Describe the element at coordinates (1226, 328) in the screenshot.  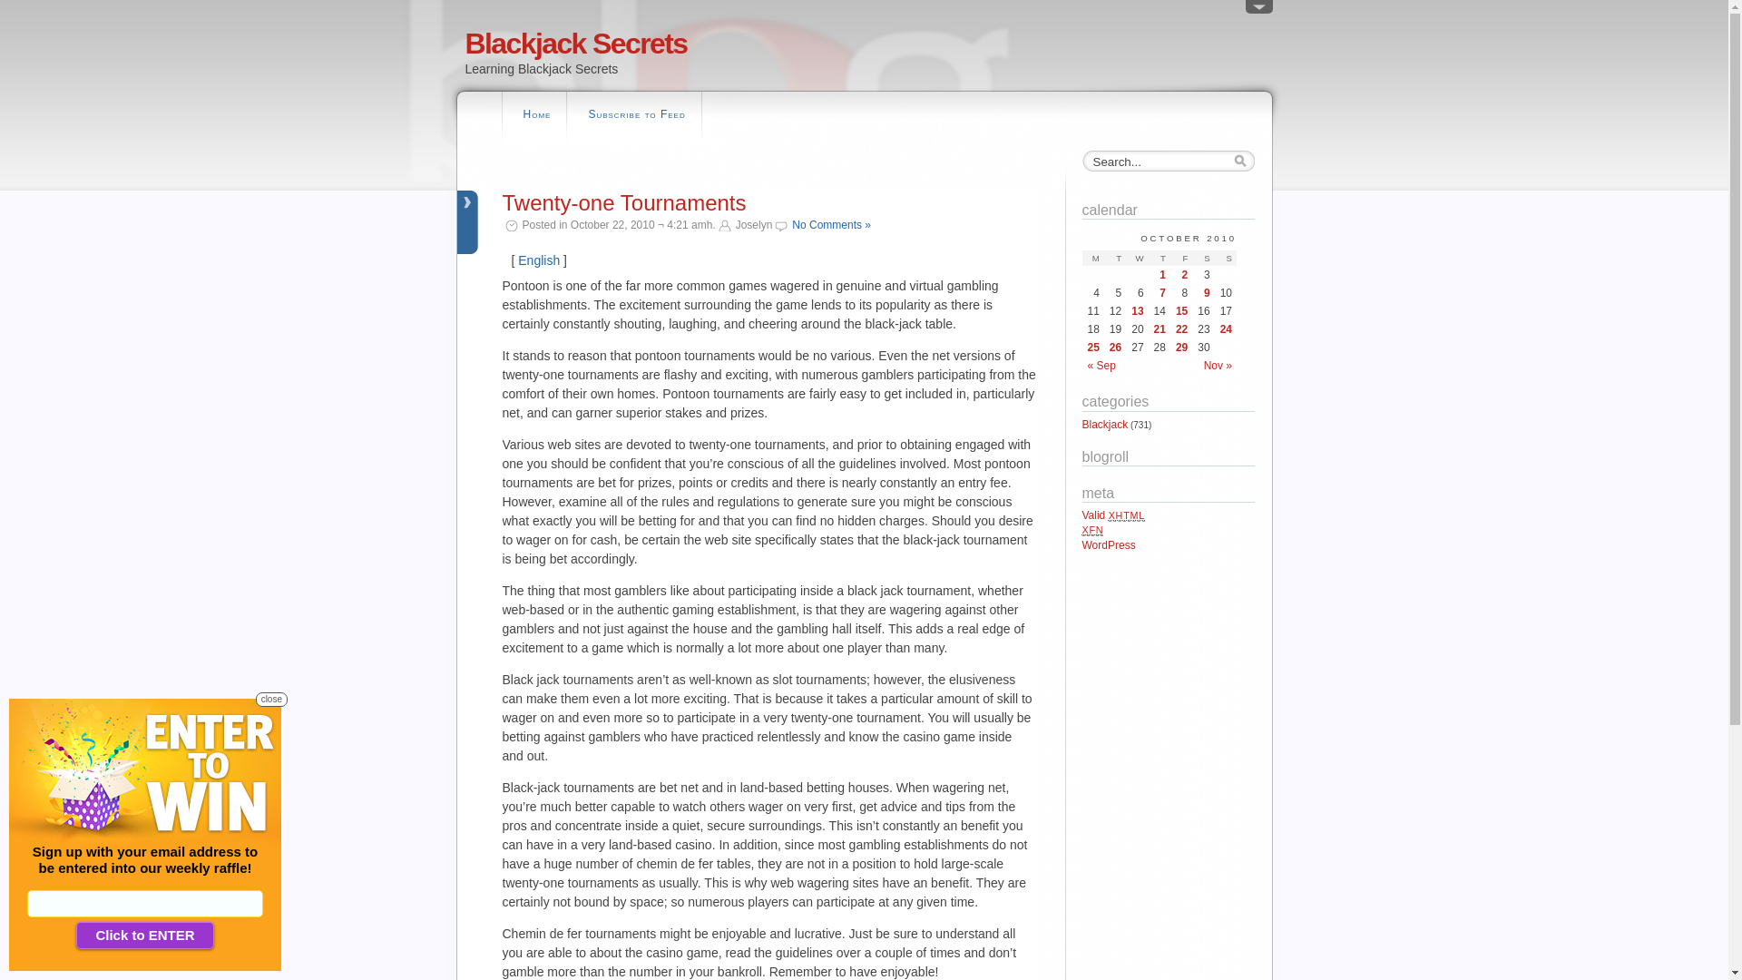
I see `'24'` at that location.